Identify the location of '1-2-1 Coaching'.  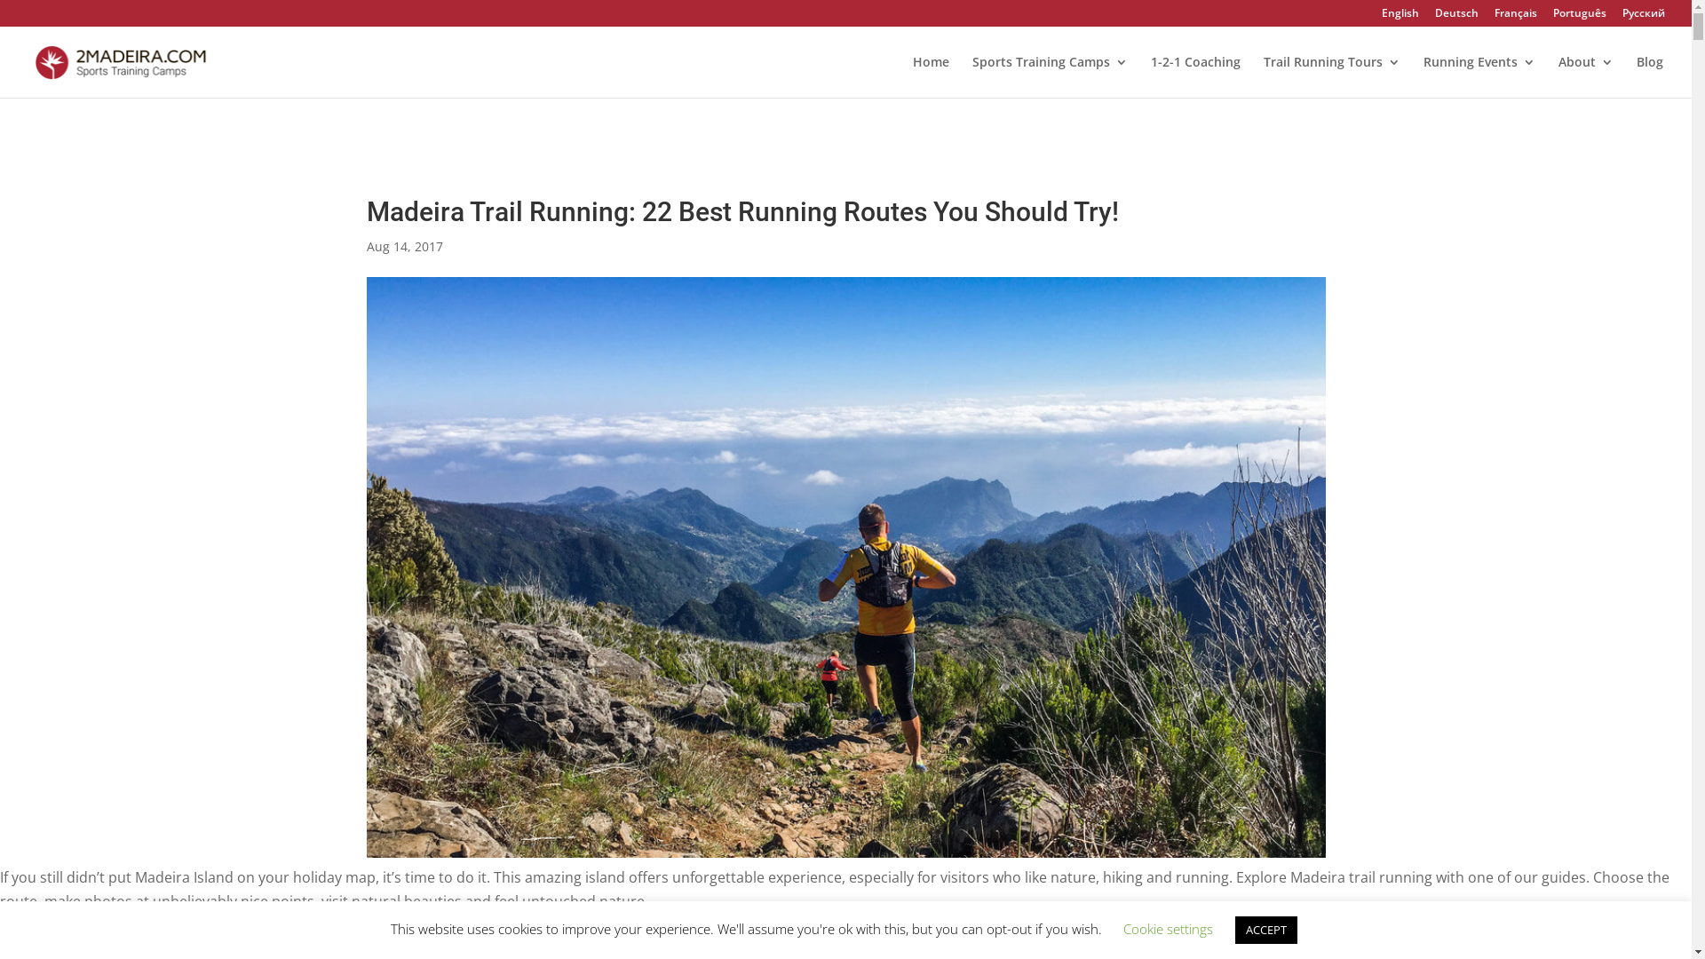
(1195, 75).